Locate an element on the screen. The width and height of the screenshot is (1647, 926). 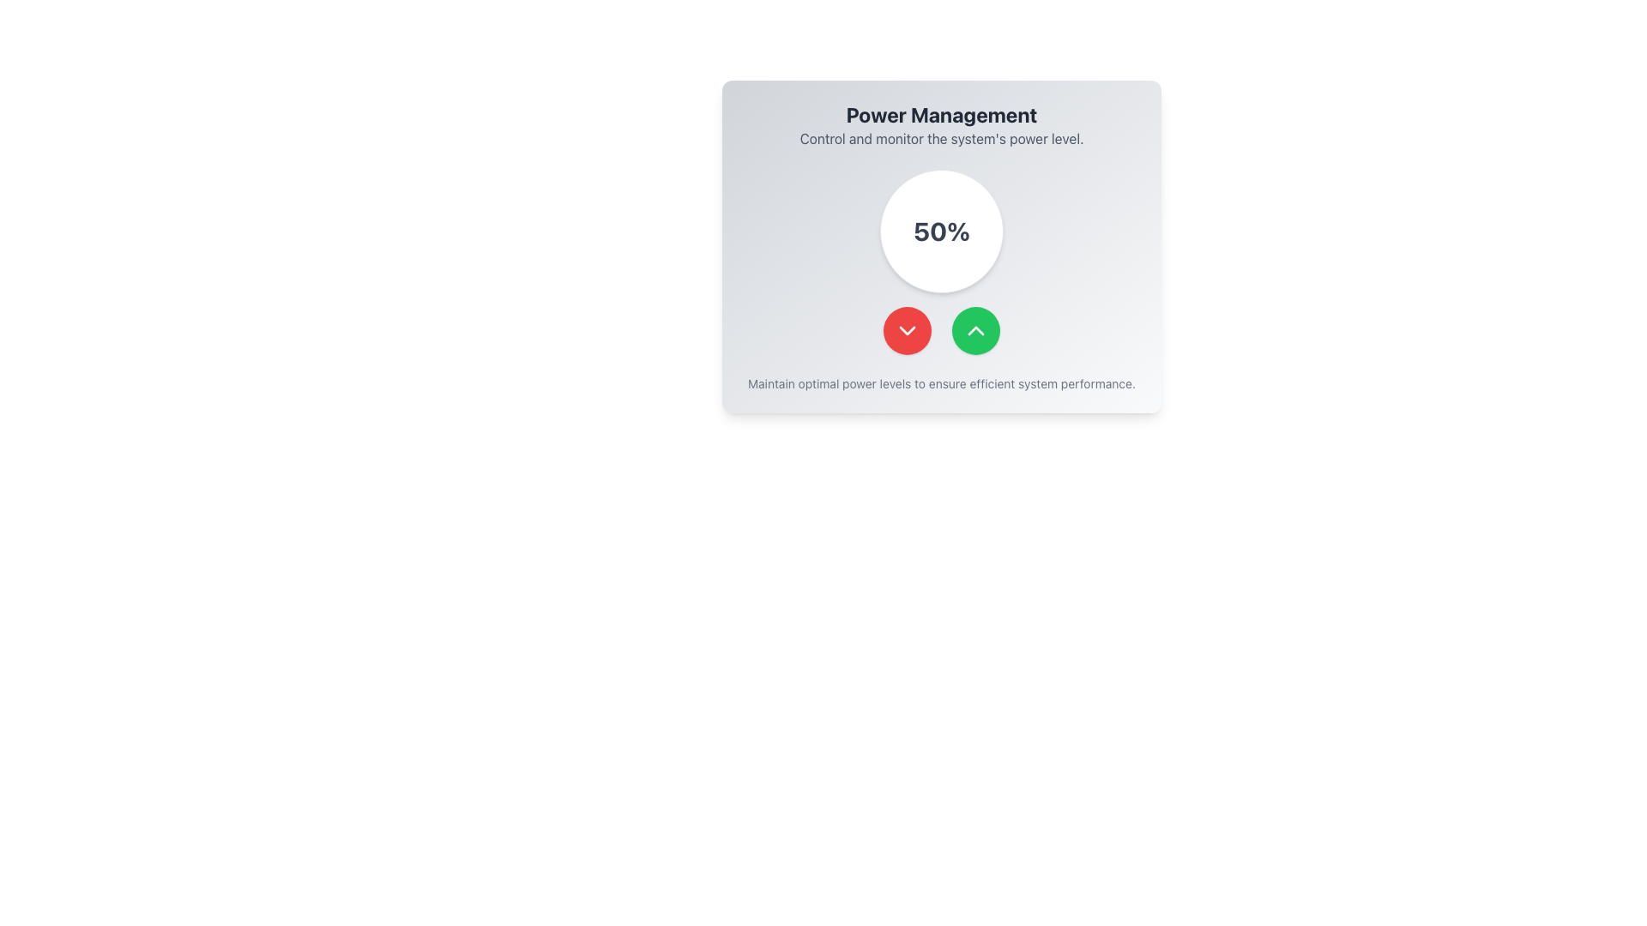
the circular green button with a white upward arrow icon located in the 'Power Management' interface, which is the second button at the bottom right of the red downward arrow button is located at coordinates (975, 330).